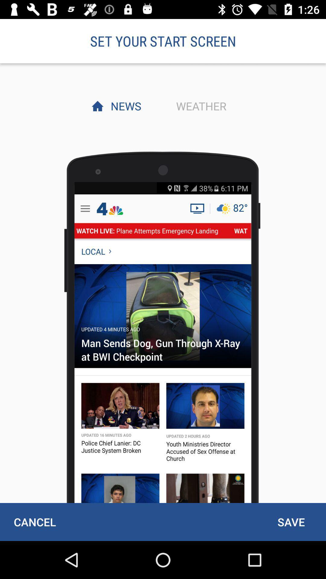  Describe the element at coordinates (163, 41) in the screenshot. I see `the set your start item` at that location.